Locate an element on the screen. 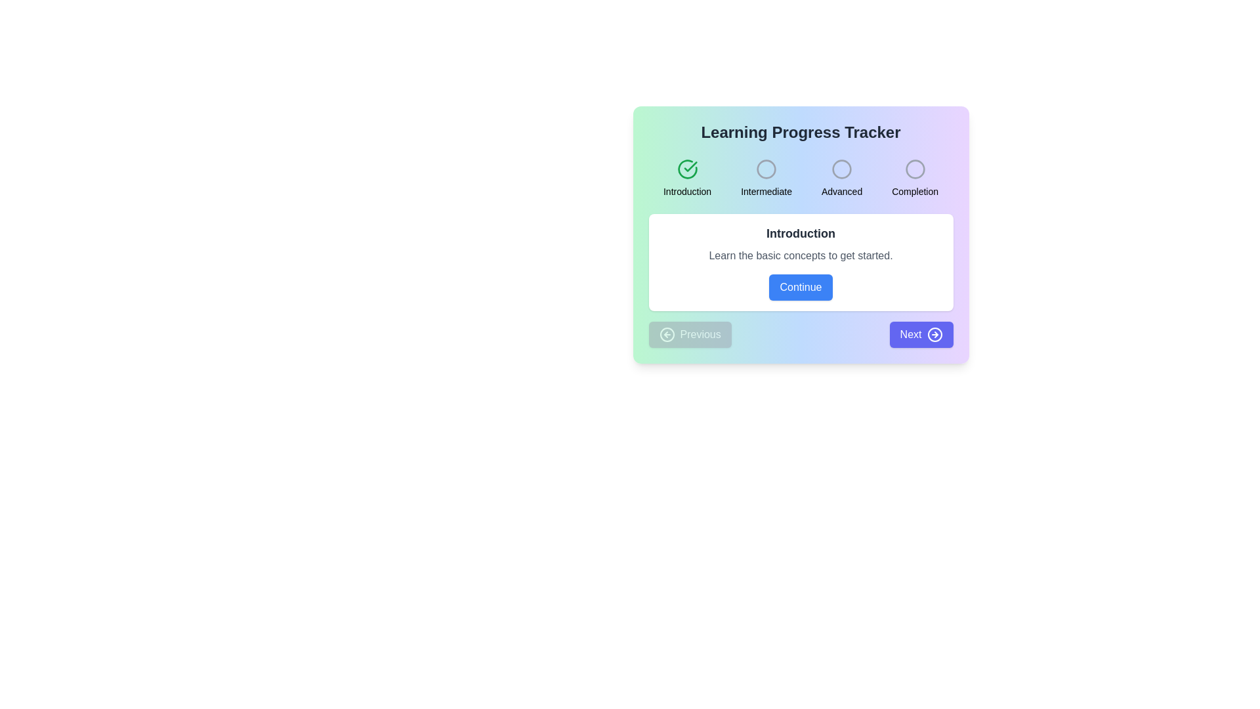  across the Progress Indicator Bar located centrally below the 'Learning Progress Tracker' heading is located at coordinates (800, 179).